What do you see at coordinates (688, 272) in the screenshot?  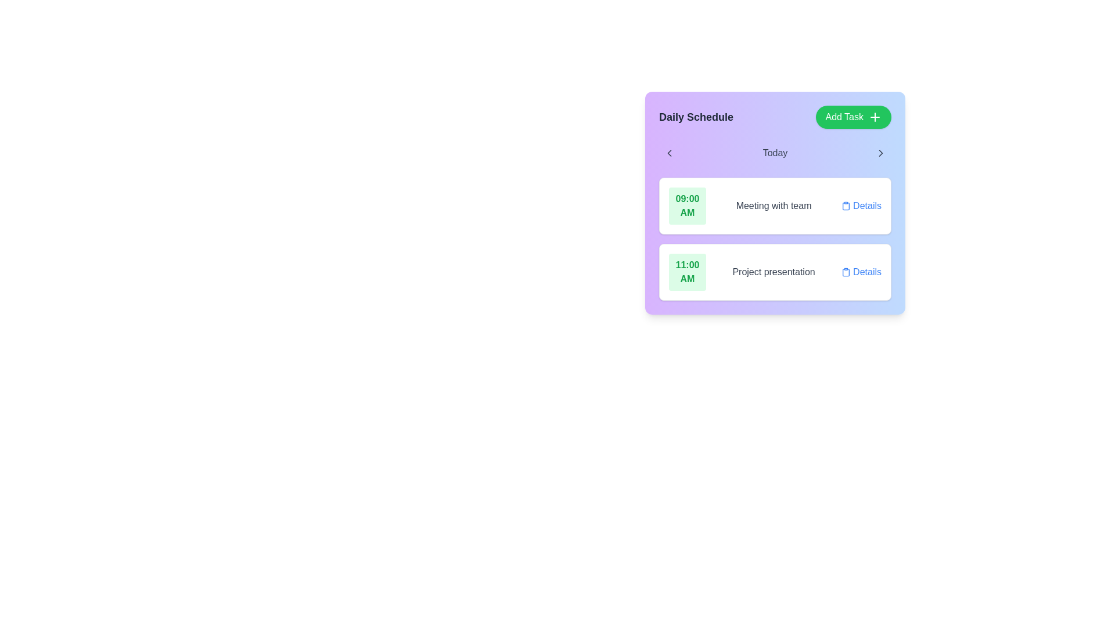 I see `the text label displaying '11:00 AM' with a green background and white border, located at the top-left corner of the 'Project presentation' card` at bounding box center [688, 272].